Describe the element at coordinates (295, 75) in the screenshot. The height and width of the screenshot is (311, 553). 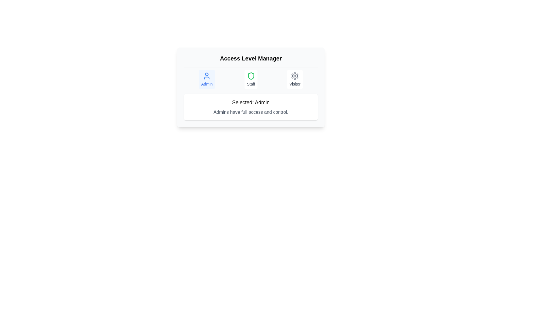
I see `gear icon representing the Visitor role in the Access Level Manager interface for additional interactive options` at that location.